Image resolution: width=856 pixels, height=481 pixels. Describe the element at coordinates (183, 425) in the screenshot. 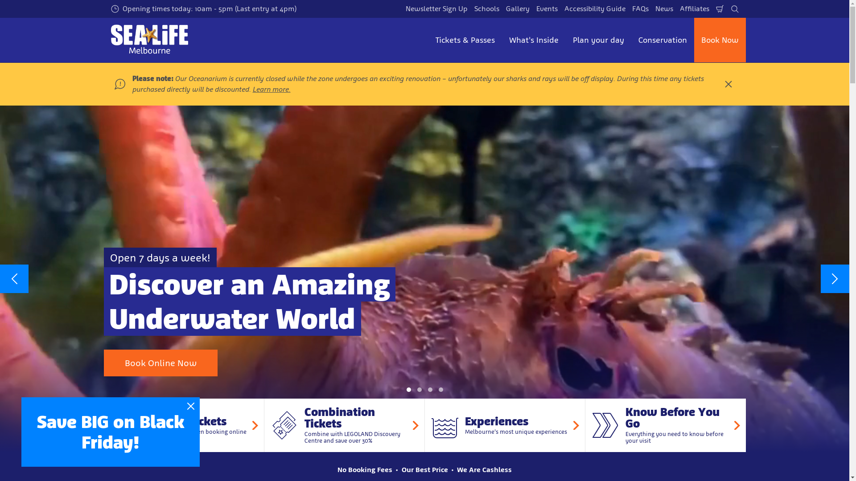

I see `'Popular Tickets` at that location.